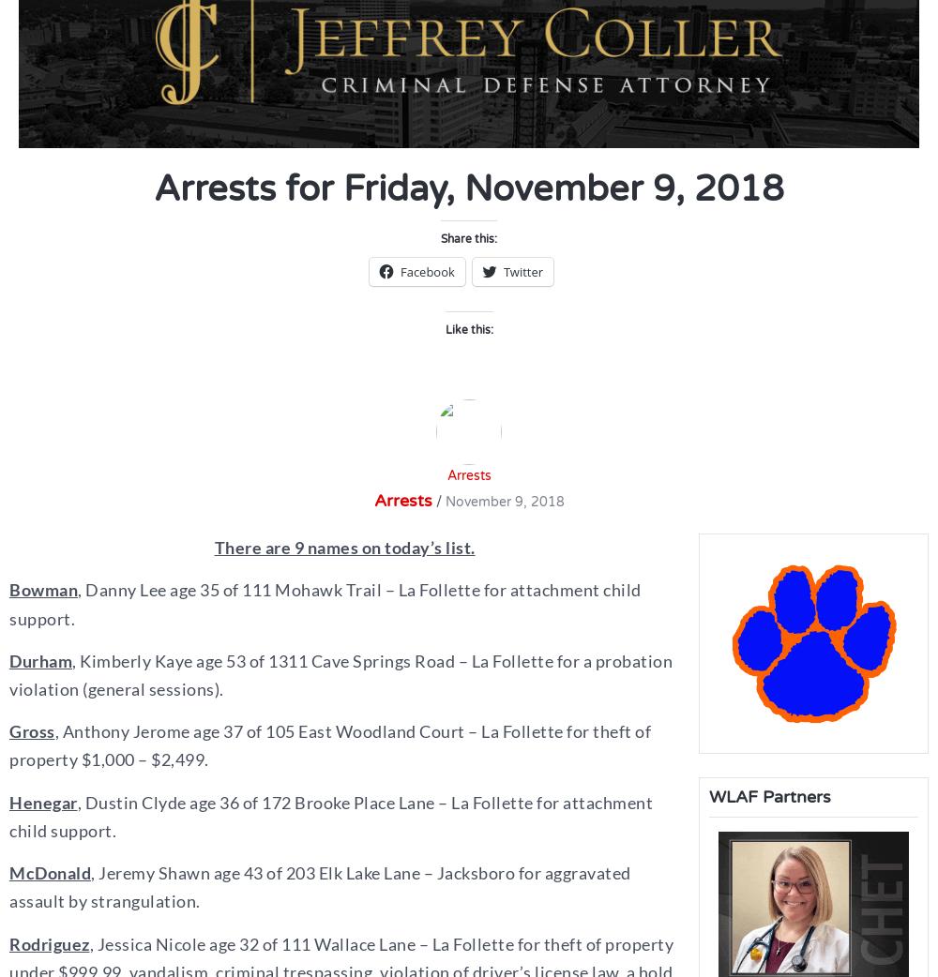  I want to click on 'Arrests for Friday, November 9, 2018', so click(154, 188).